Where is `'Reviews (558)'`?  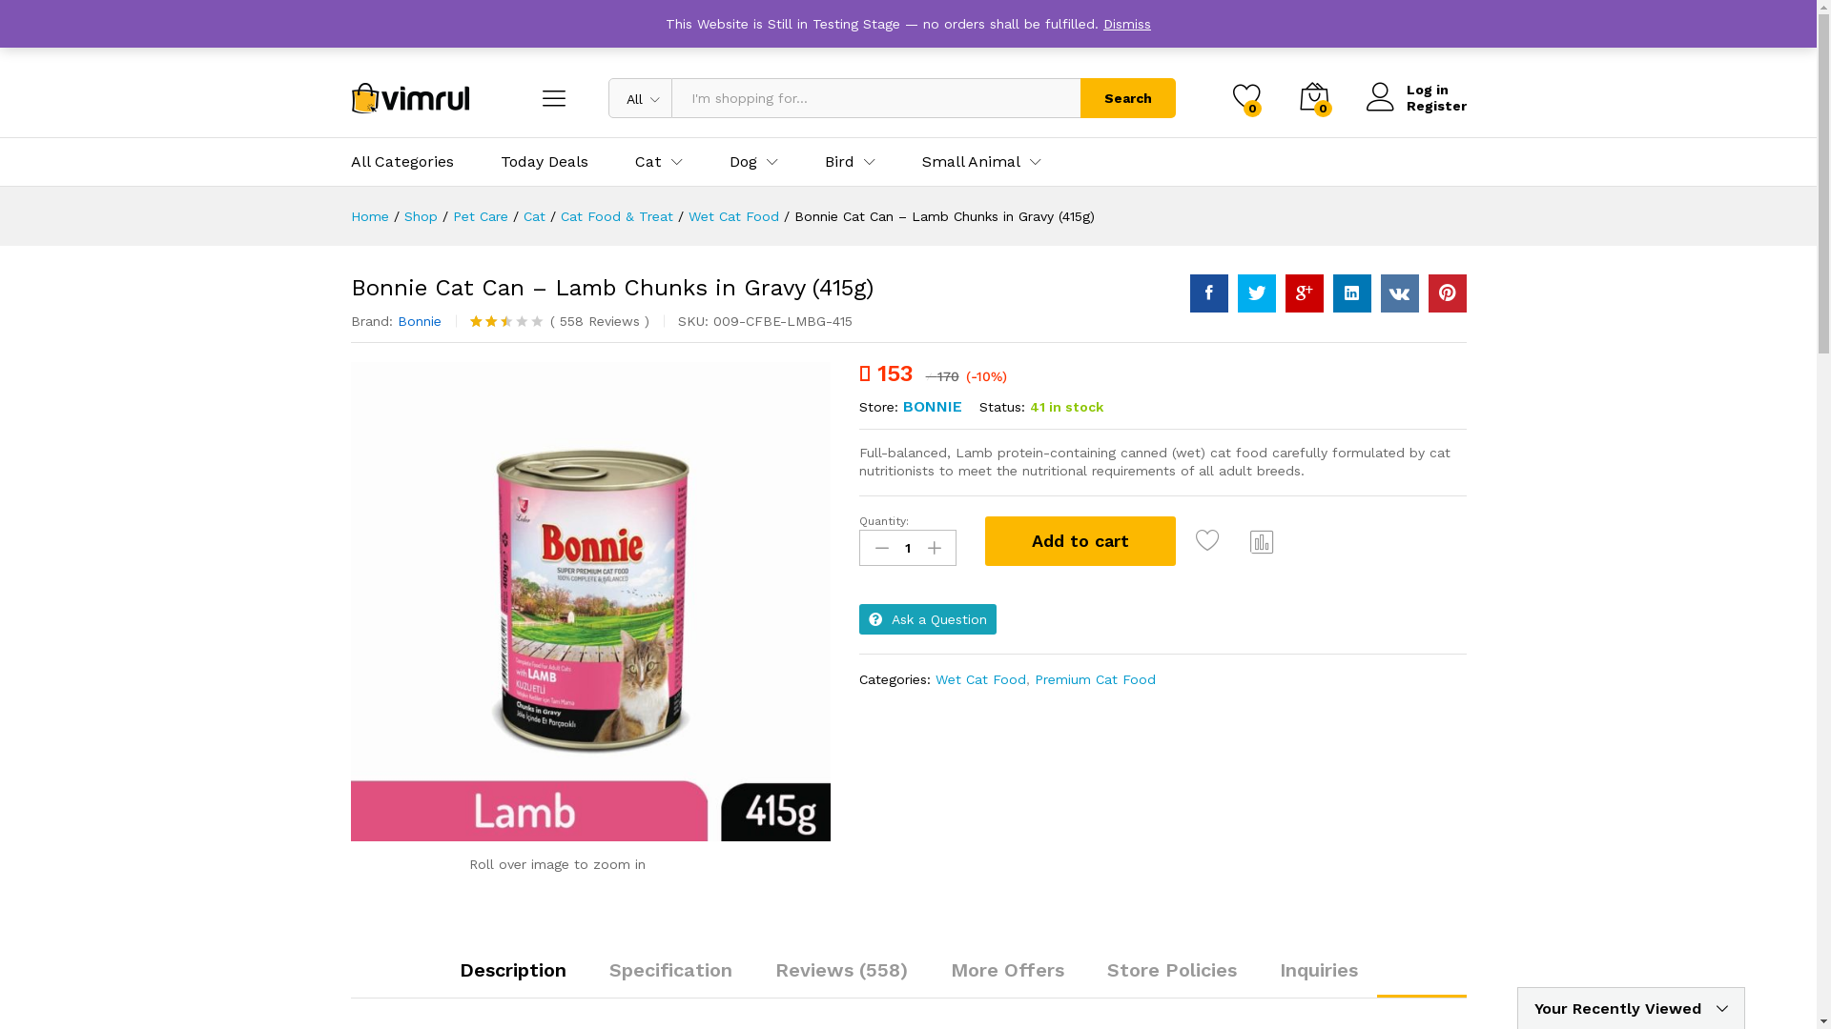 'Reviews (558)' is located at coordinates (839, 970).